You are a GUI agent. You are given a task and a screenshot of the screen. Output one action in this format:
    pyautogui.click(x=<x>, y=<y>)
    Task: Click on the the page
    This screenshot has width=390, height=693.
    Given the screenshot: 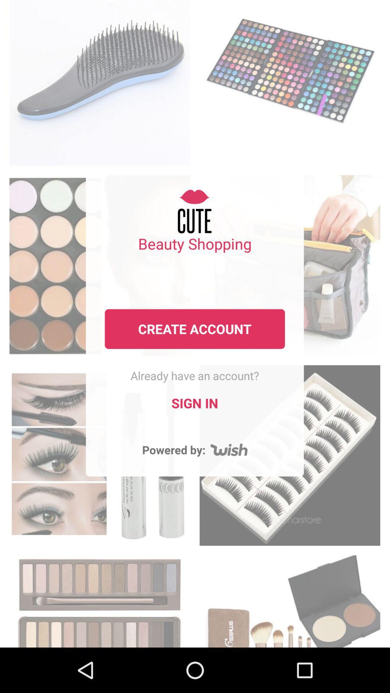 What is the action you would take?
    pyautogui.click(x=100, y=81)
    